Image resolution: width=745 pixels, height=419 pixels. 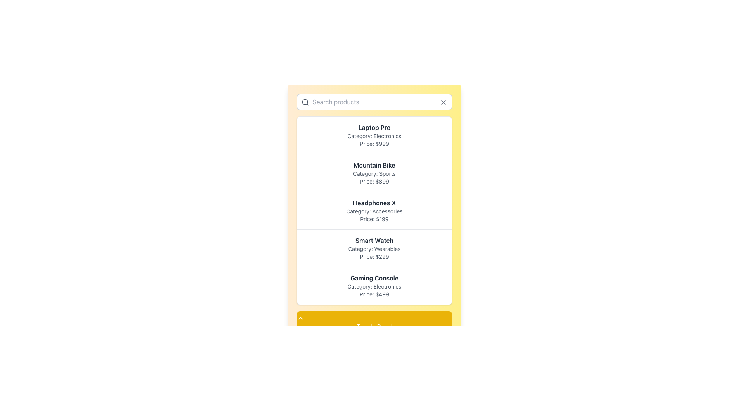 What do you see at coordinates (374, 144) in the screenshot?
I see `the static text label displaying the product price, located below the 'Category: Electronics' text in the vertically aligned list` at bounding box center [374, 144].